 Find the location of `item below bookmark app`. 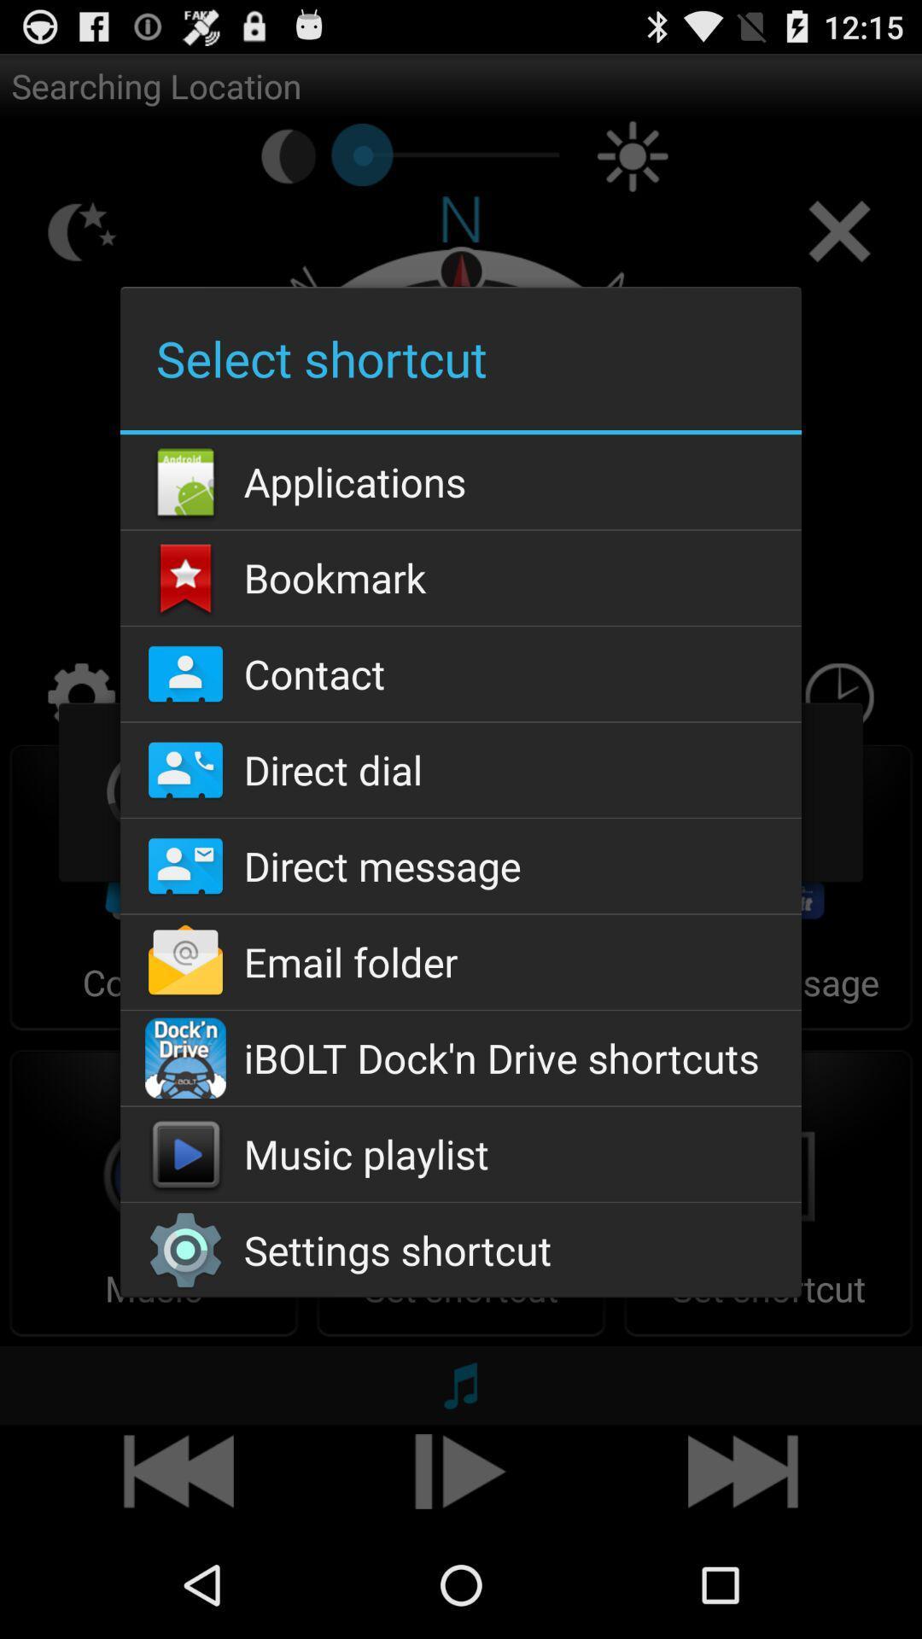

item below bookmark app is located at coordinates (461, 673).